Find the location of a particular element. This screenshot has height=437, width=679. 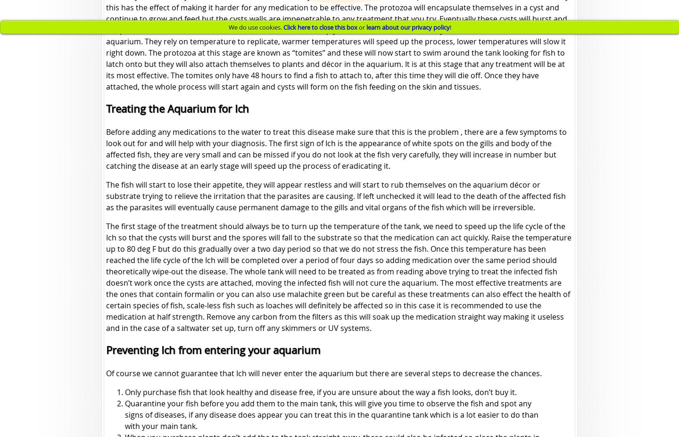

'Only purchase fish that look healthy and disease free, if you are unsure about the way a fish looks, don’t buy it.' is located at coordinates (321, 392).